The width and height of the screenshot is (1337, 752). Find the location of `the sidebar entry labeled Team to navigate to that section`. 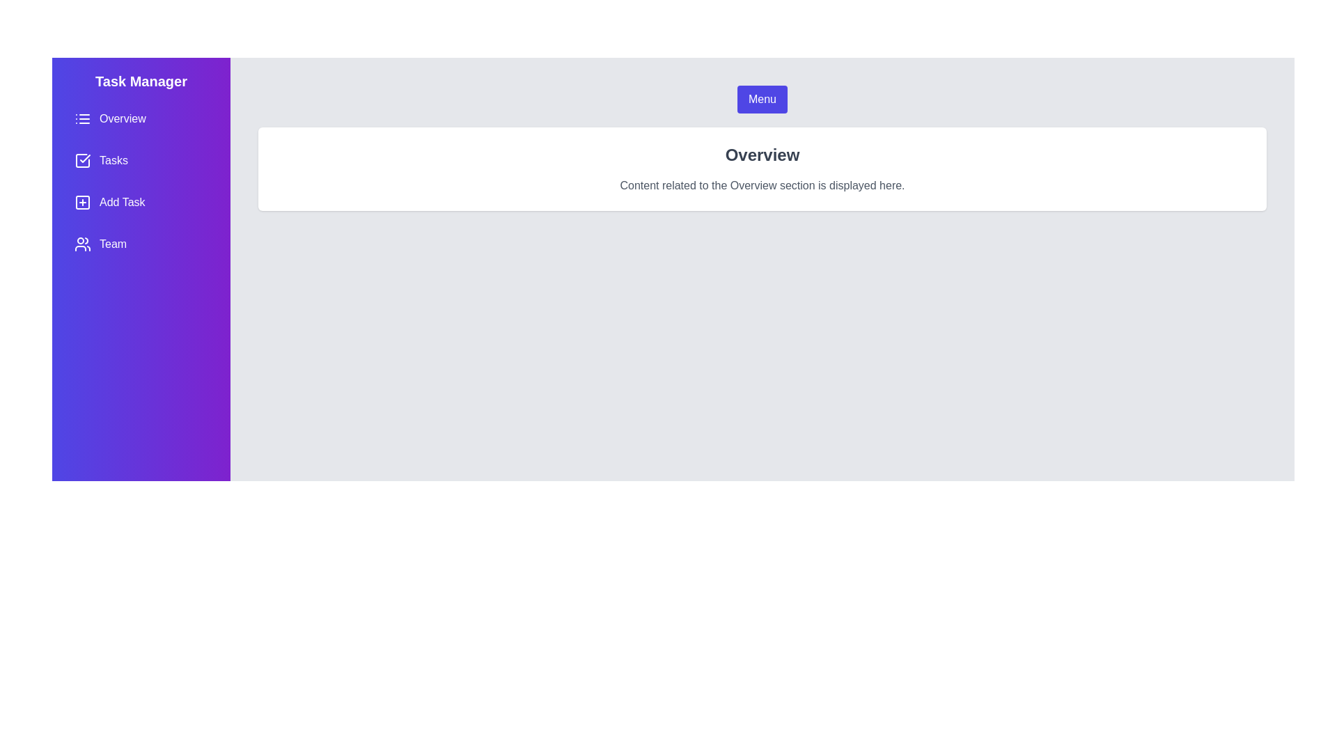

the sidebar entry labeled Team to navigate to that section is located at coordinates (141, 244).